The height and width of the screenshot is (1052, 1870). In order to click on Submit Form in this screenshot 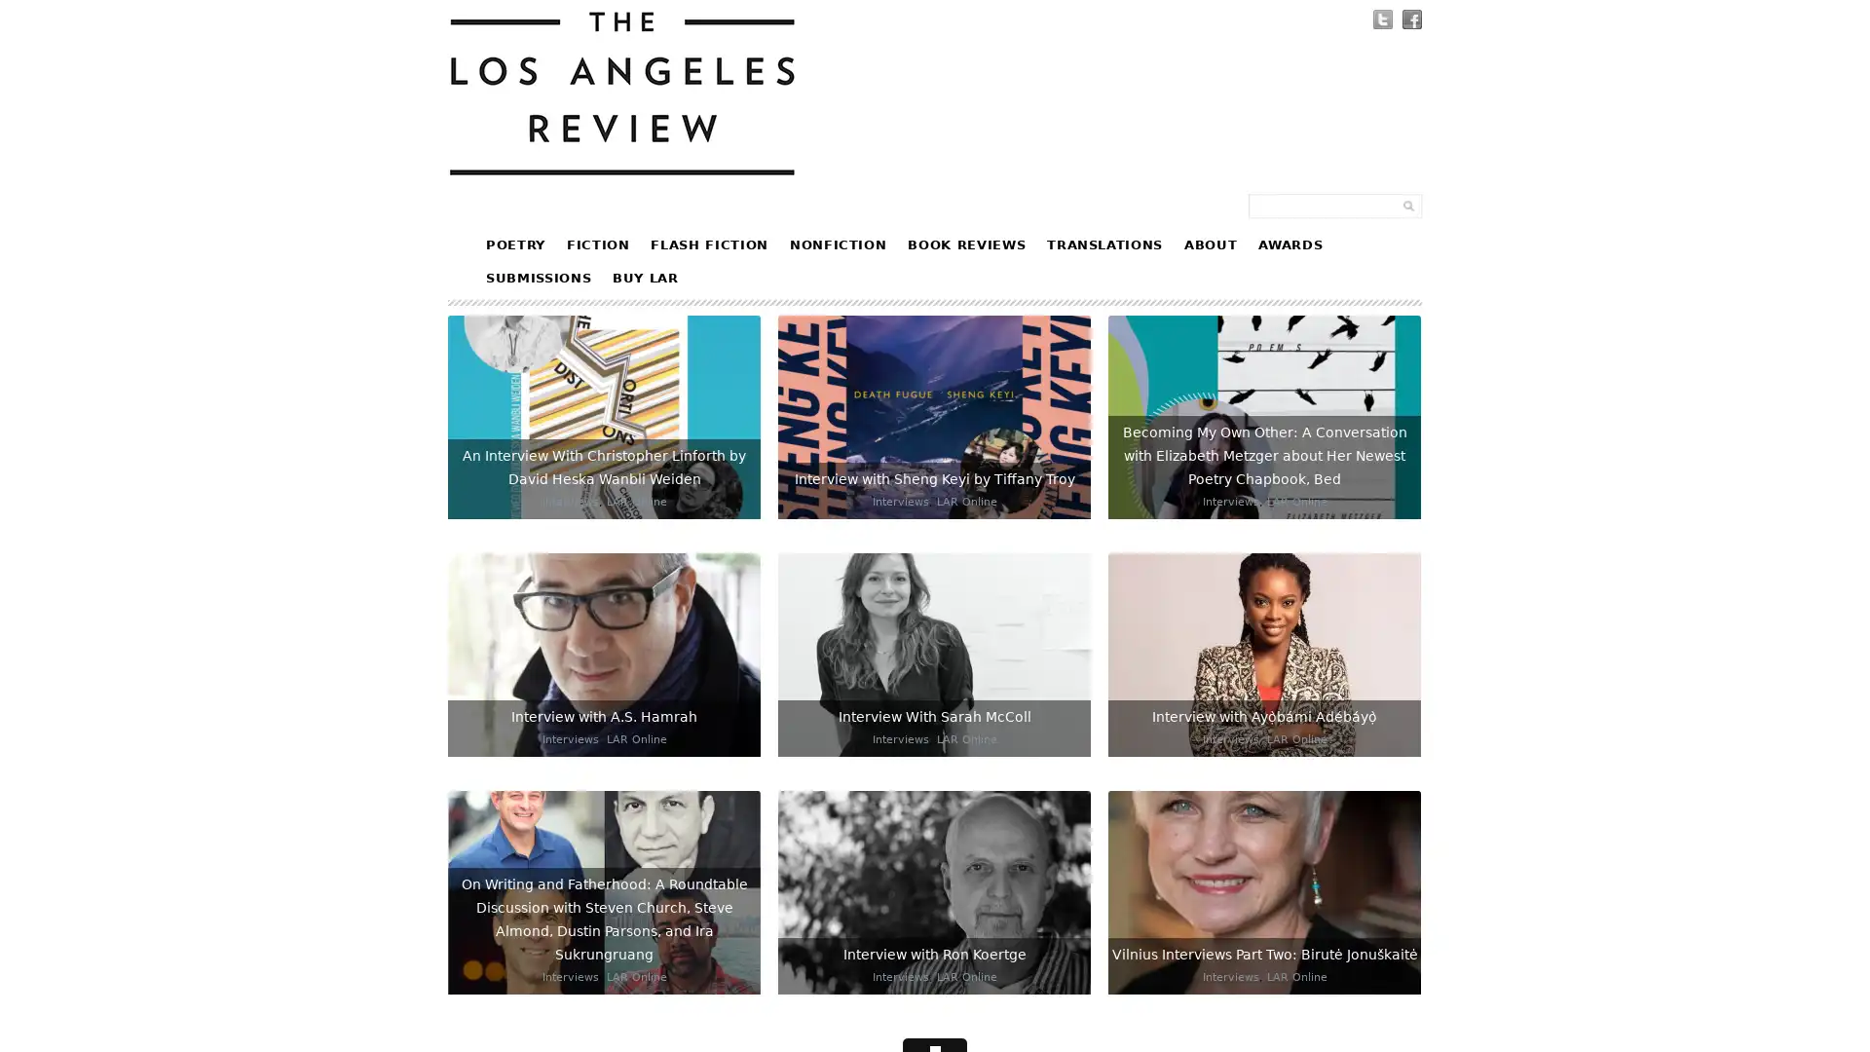, I will do `click(1408, 206)`.